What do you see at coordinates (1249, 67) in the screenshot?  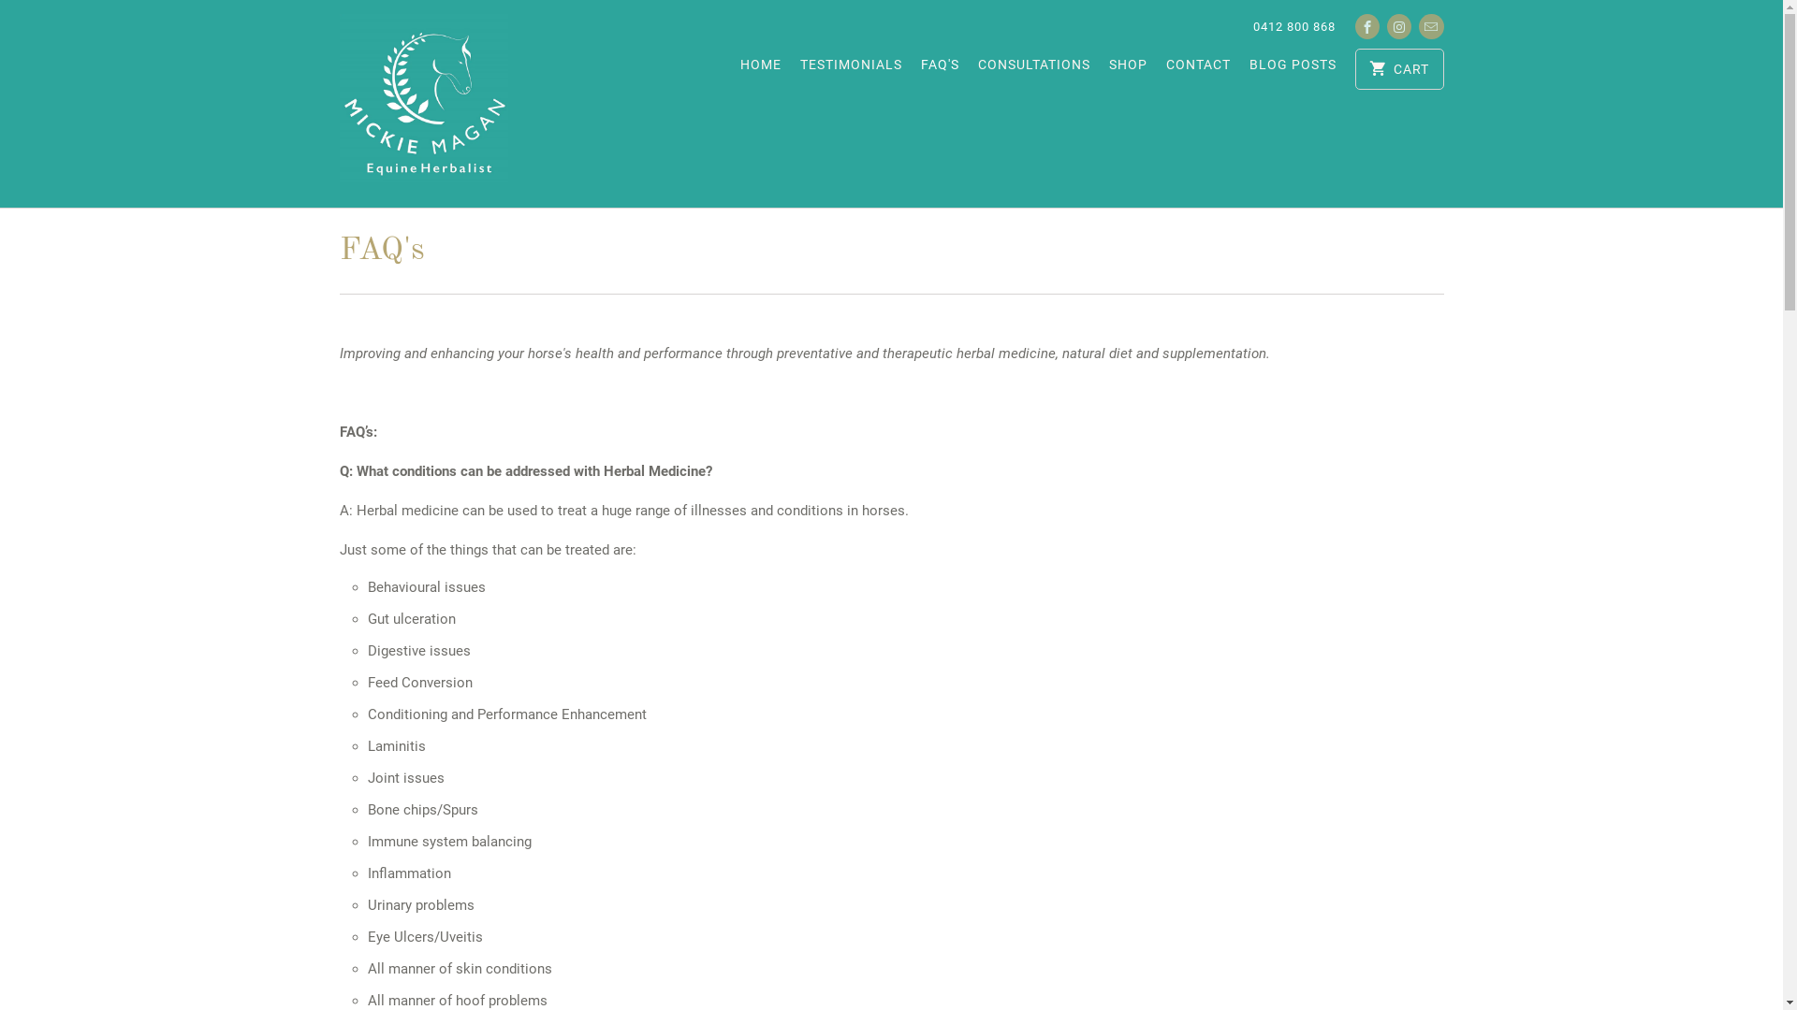 I see `'BLOG POSTS'` at bounding box center [1249, 67].